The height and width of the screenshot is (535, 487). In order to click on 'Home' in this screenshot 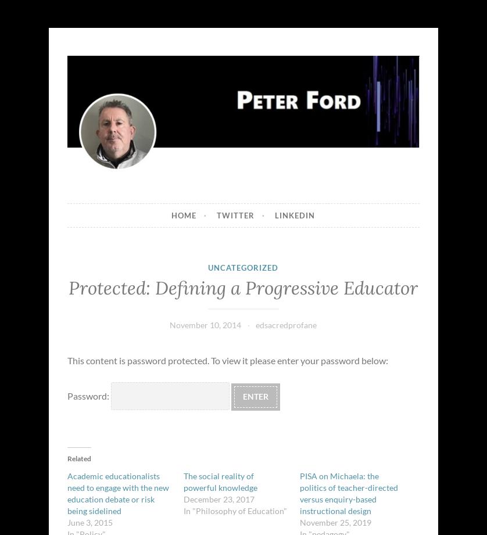, I will do `click(183, 214)`.